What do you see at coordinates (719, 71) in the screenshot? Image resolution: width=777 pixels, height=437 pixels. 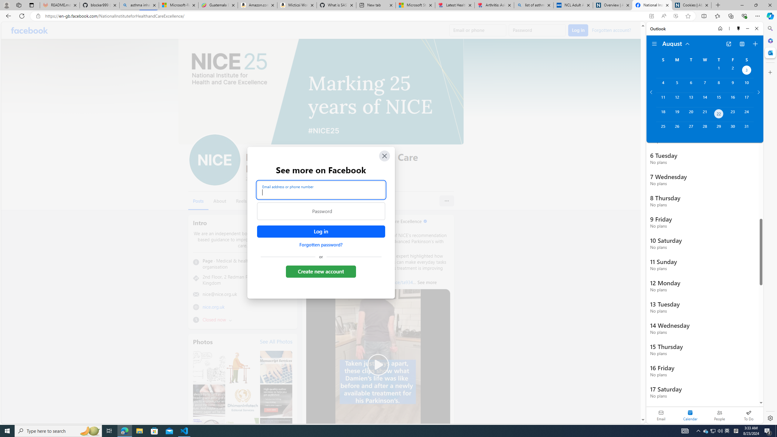 I see `'Thursday, August 1, 2024. '` at bounding box center [719, 71].